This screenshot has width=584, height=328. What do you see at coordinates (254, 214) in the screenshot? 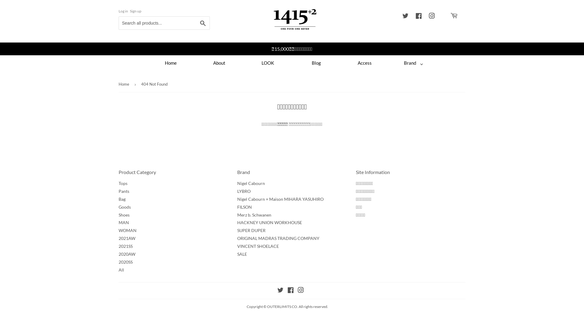
I see `'Merz b. Schwanen'` at bounding box center [254, 214].